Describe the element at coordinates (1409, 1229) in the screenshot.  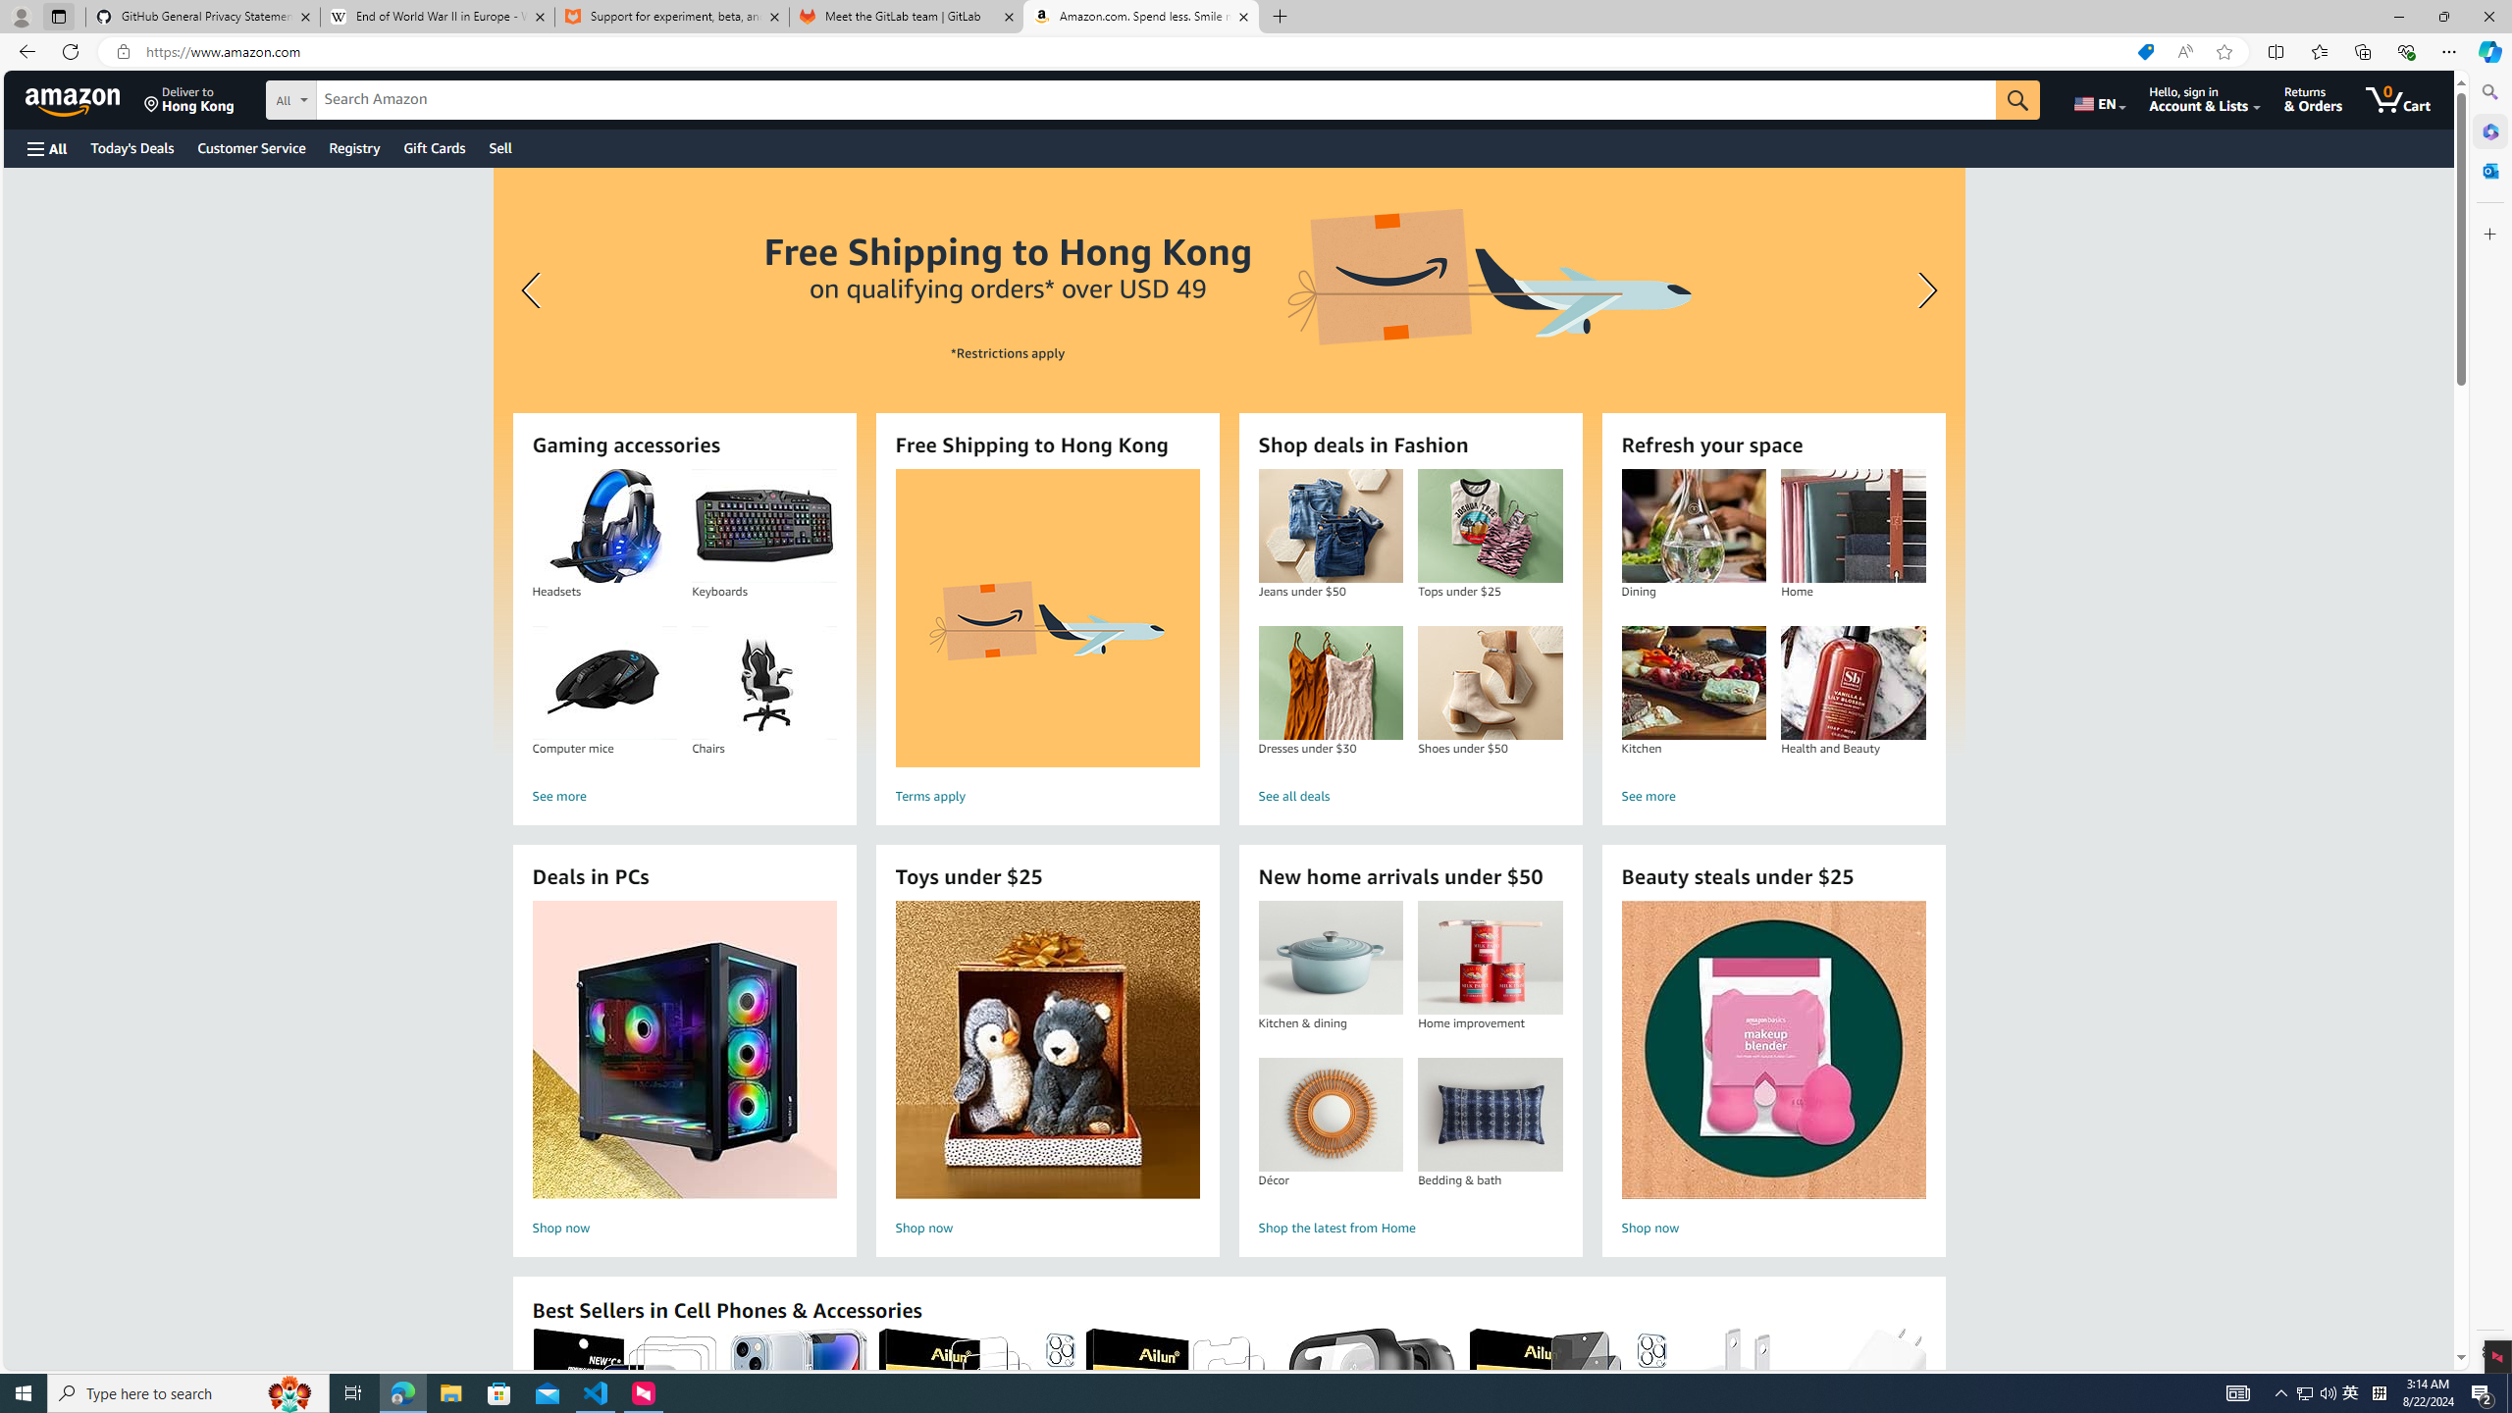
I see `'Shop the latest from Home'` at that location.